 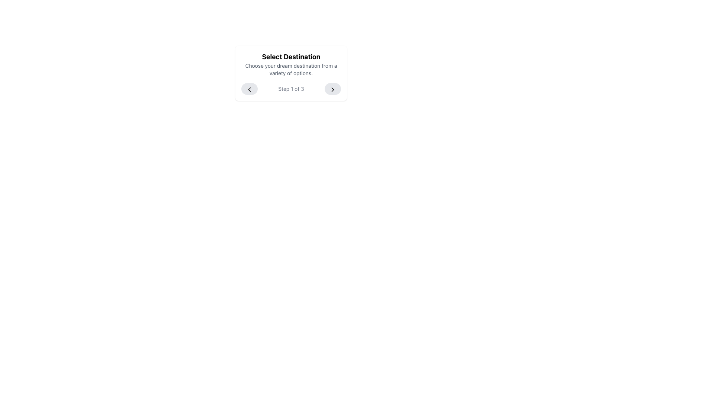 I want to click on the chevron icon within the SVG element on the left side of the 'Select Destination' navigation card, so click(x=250, y=89).